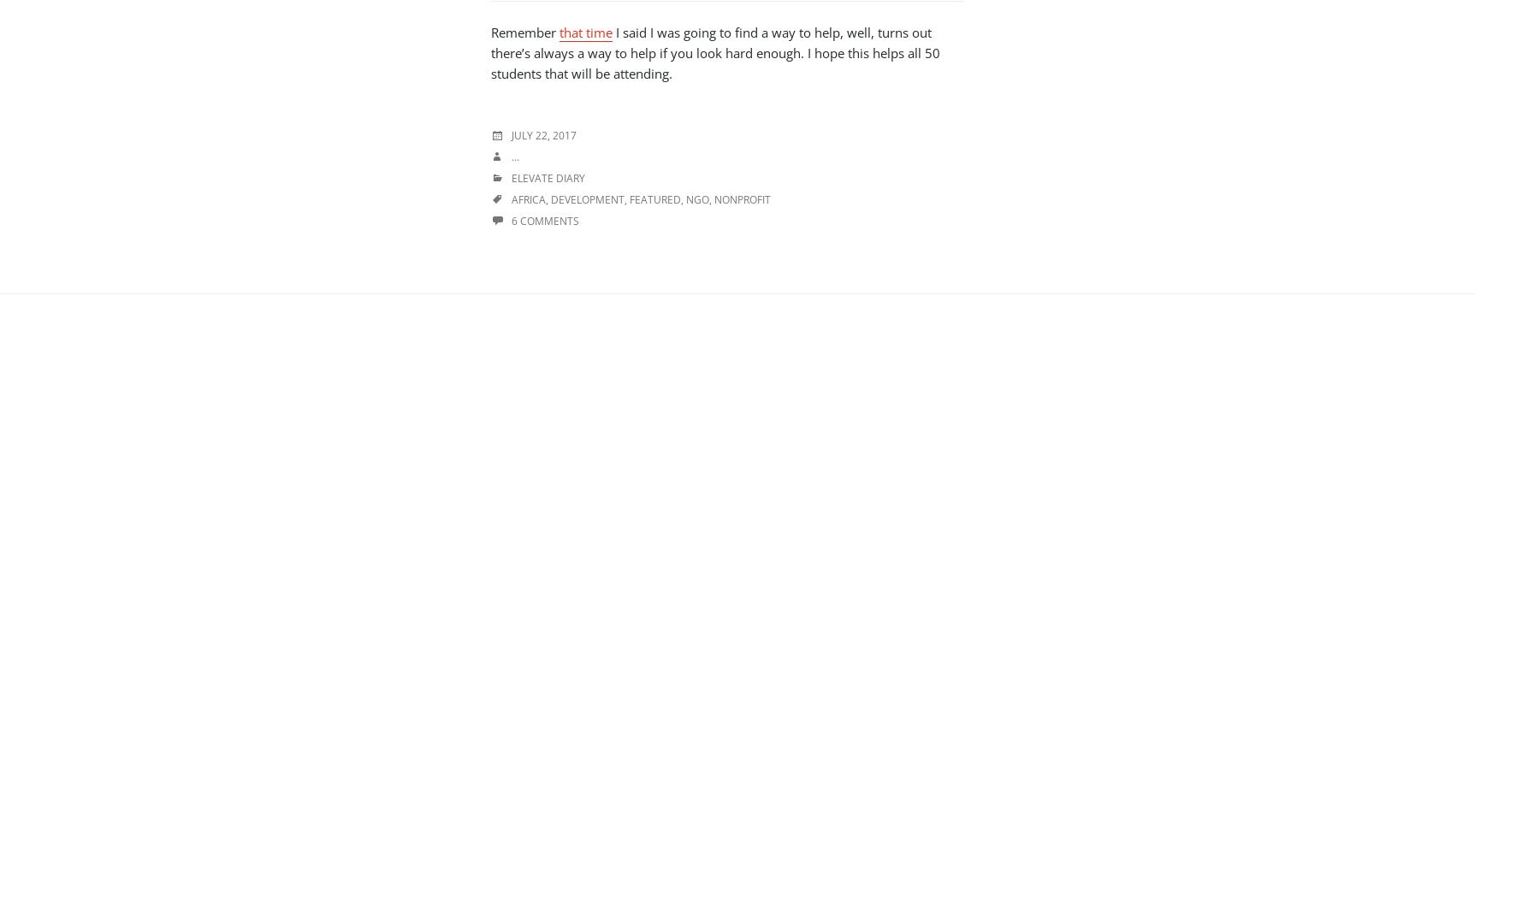  What do you see at coordinates (515, 156) in the screenshot?
I see `'...'` at bounding box center [515, 156].